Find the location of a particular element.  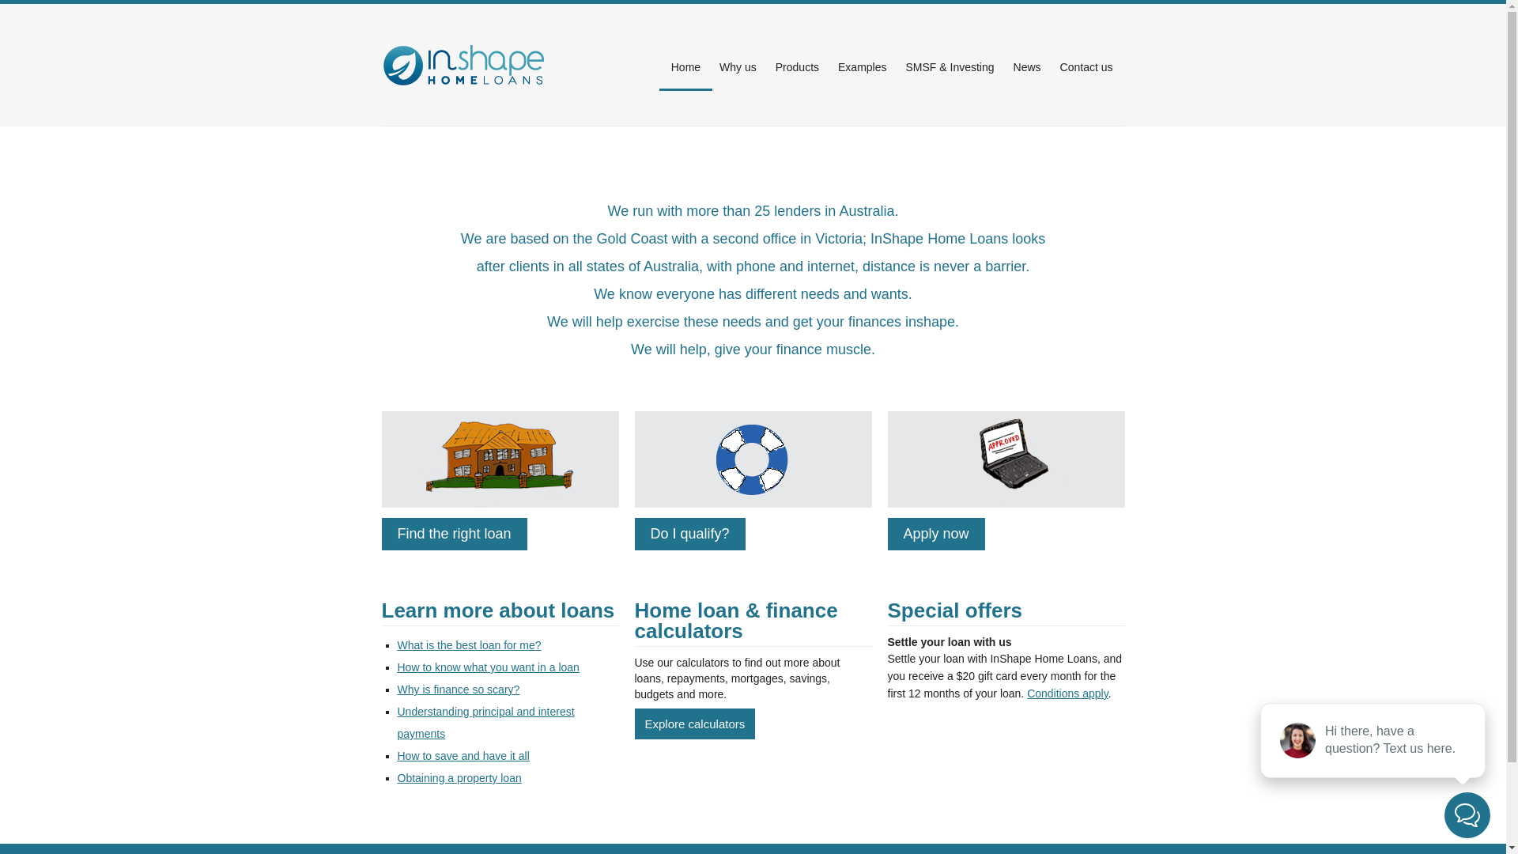

'News' is located at coordinates (1027, 65).